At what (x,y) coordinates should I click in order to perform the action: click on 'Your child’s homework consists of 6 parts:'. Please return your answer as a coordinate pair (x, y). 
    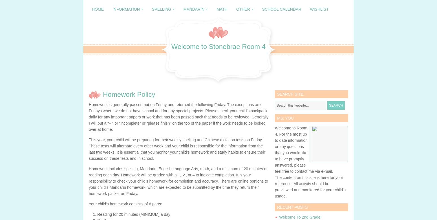
    Looking at the image, I should click on (88, 203).